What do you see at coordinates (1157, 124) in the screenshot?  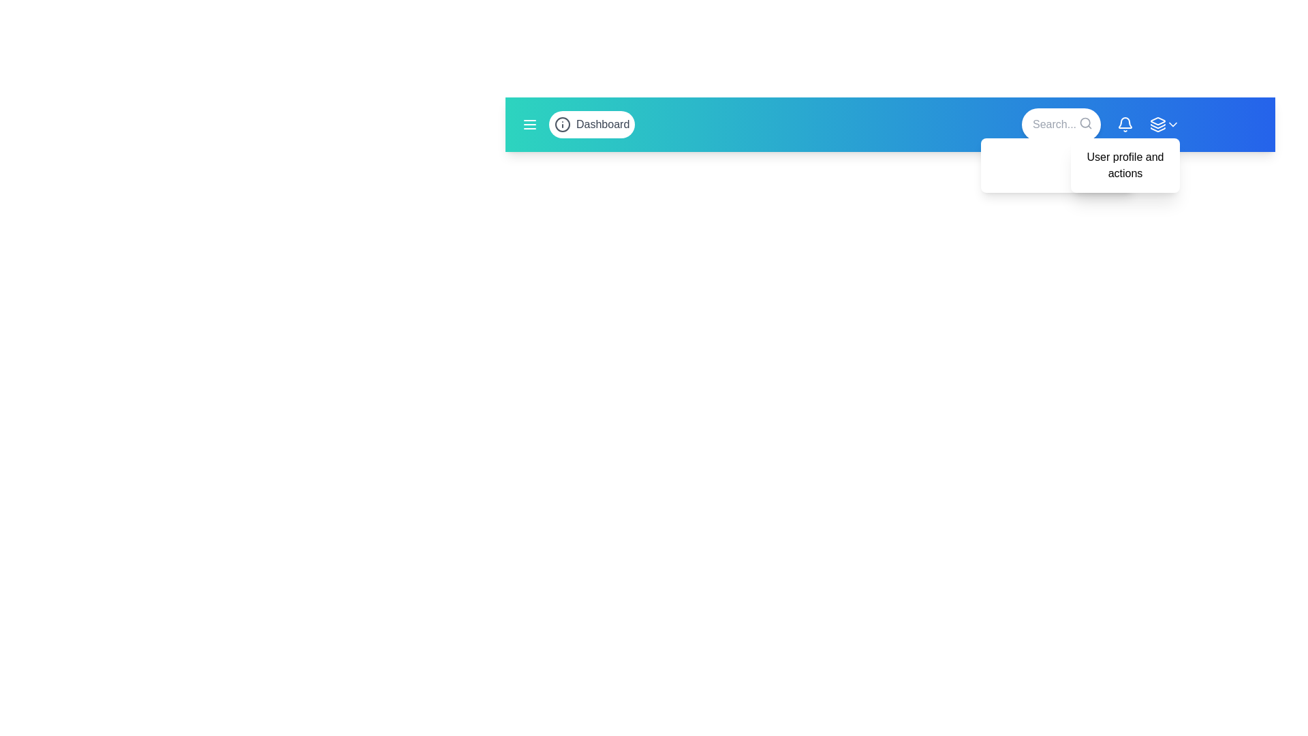 I see `the SVG graphic icon associated with layers or stack-based operations located towards the far right of the top navigation bar, specifically the second icon from the right` at bounding box center [1157, 124].